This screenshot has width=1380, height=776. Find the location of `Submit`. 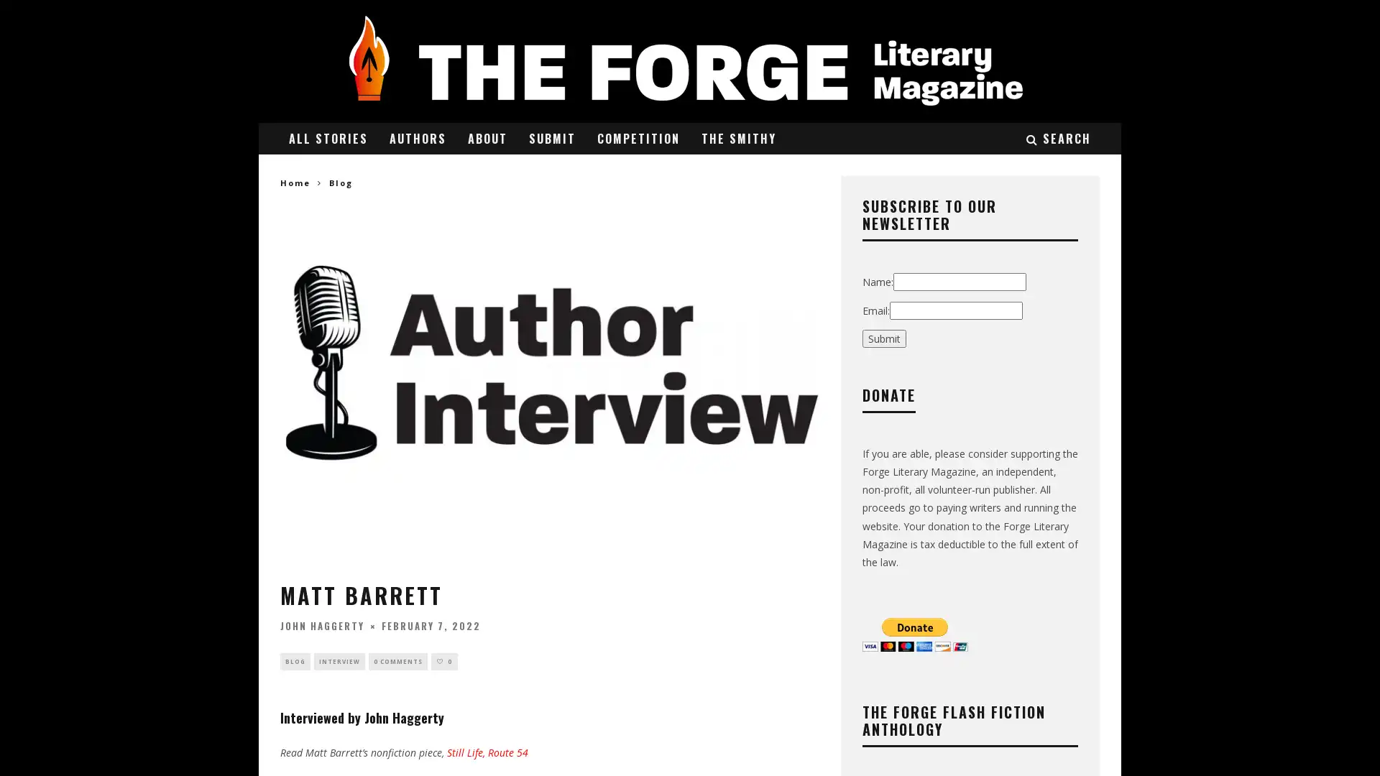

Submit is located at coordinates (883, 338).